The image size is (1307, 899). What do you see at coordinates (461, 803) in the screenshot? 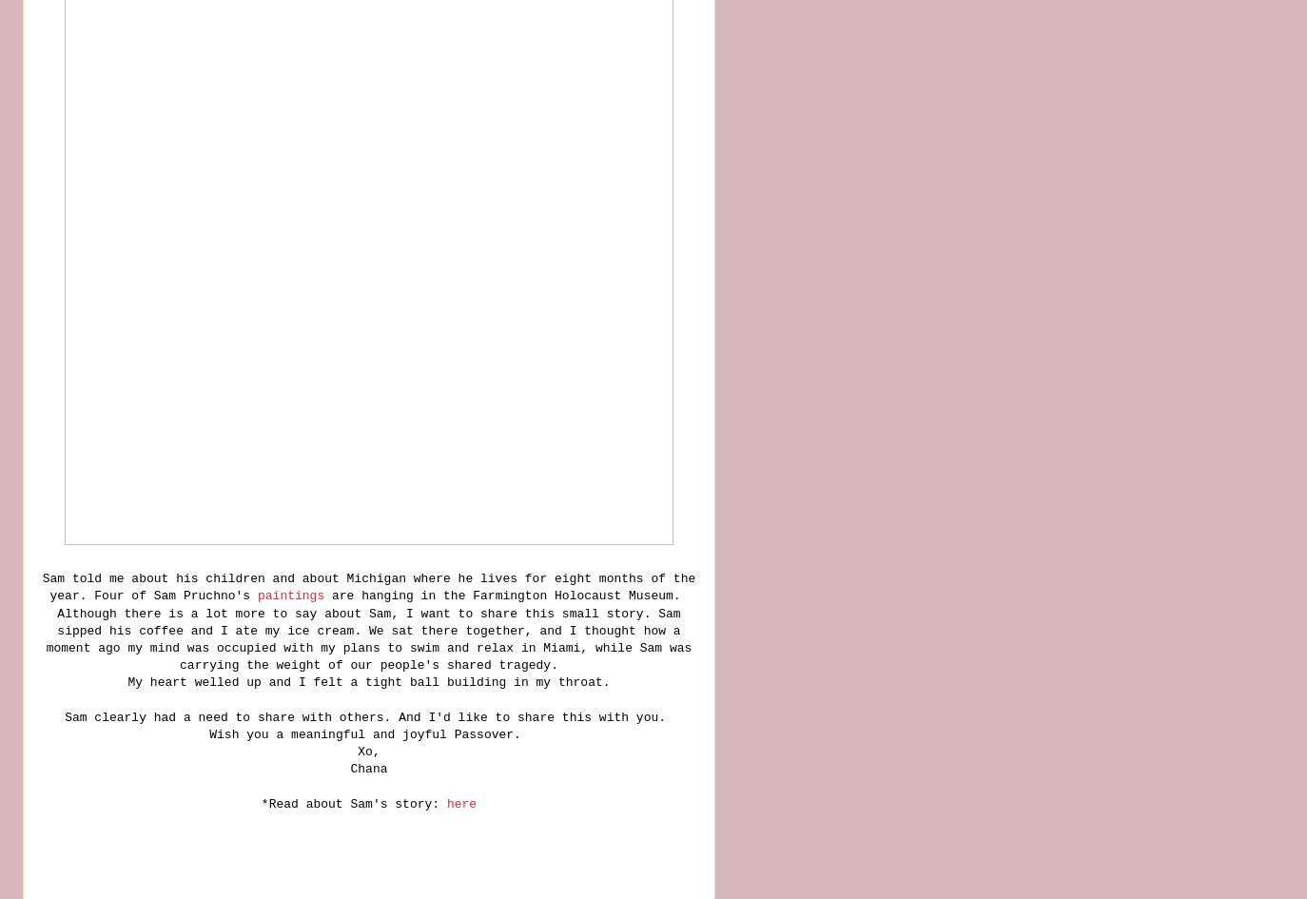
I see `'here'` at bounding box center [461, 803].